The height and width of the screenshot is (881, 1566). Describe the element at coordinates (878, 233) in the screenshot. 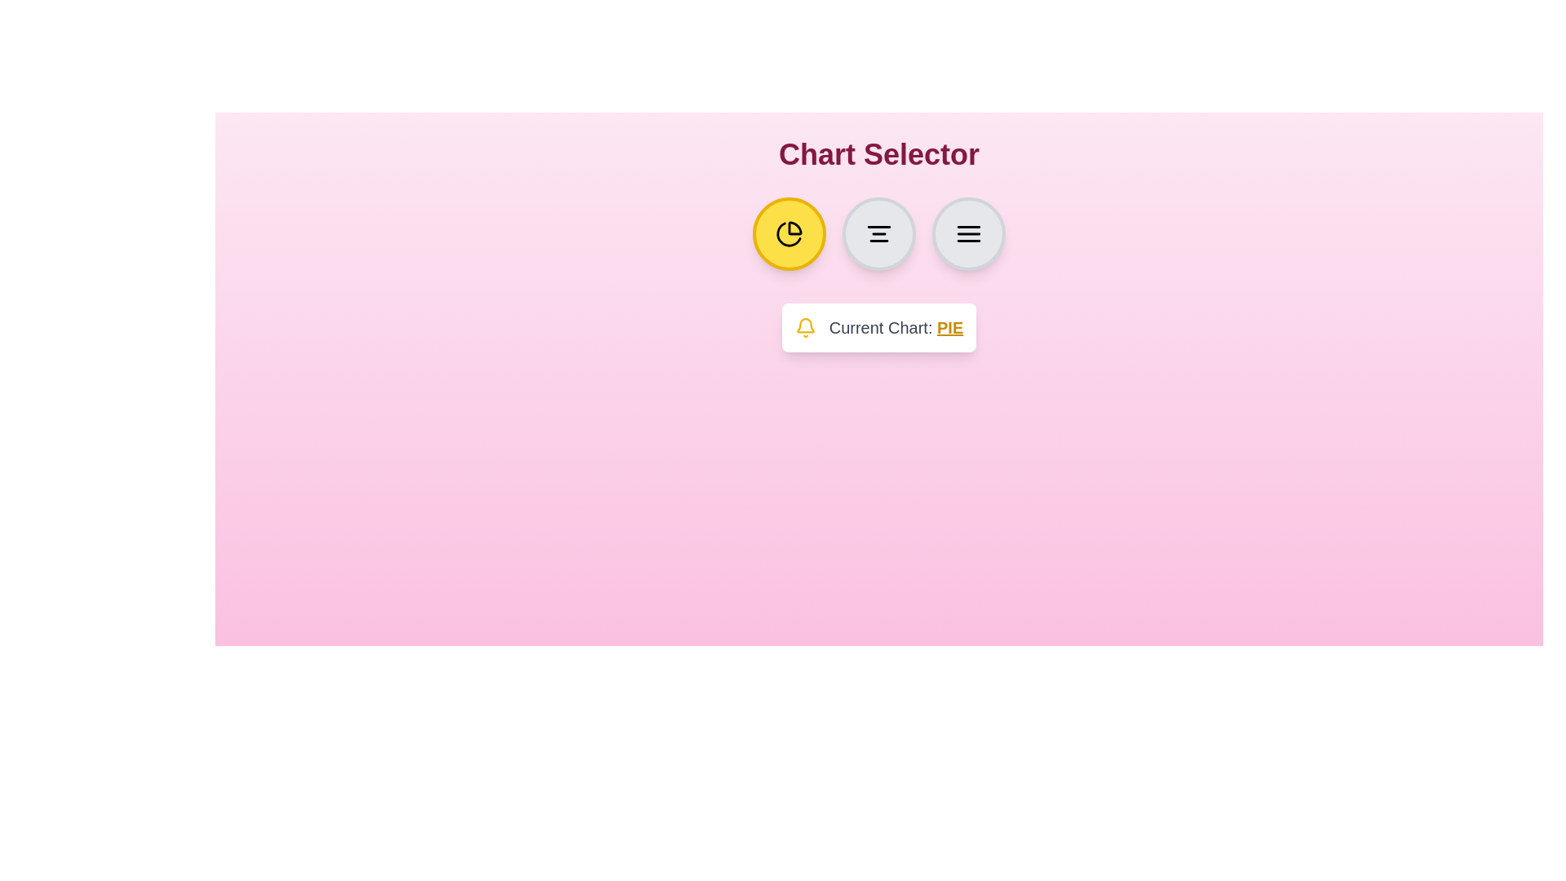

I see `the chart type by clicking on the corresponding button. The parameter line specifies the chart type to select` at that location.